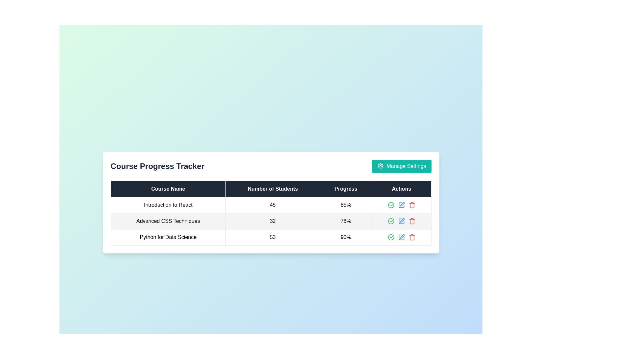  Describe the element at coordinates (401, 221) in the screenshot. I see `the edit icon button located in the second row of the table under the 'Actions' column, positioned between a green checkmark icon and a red trash bin icon` at that location.